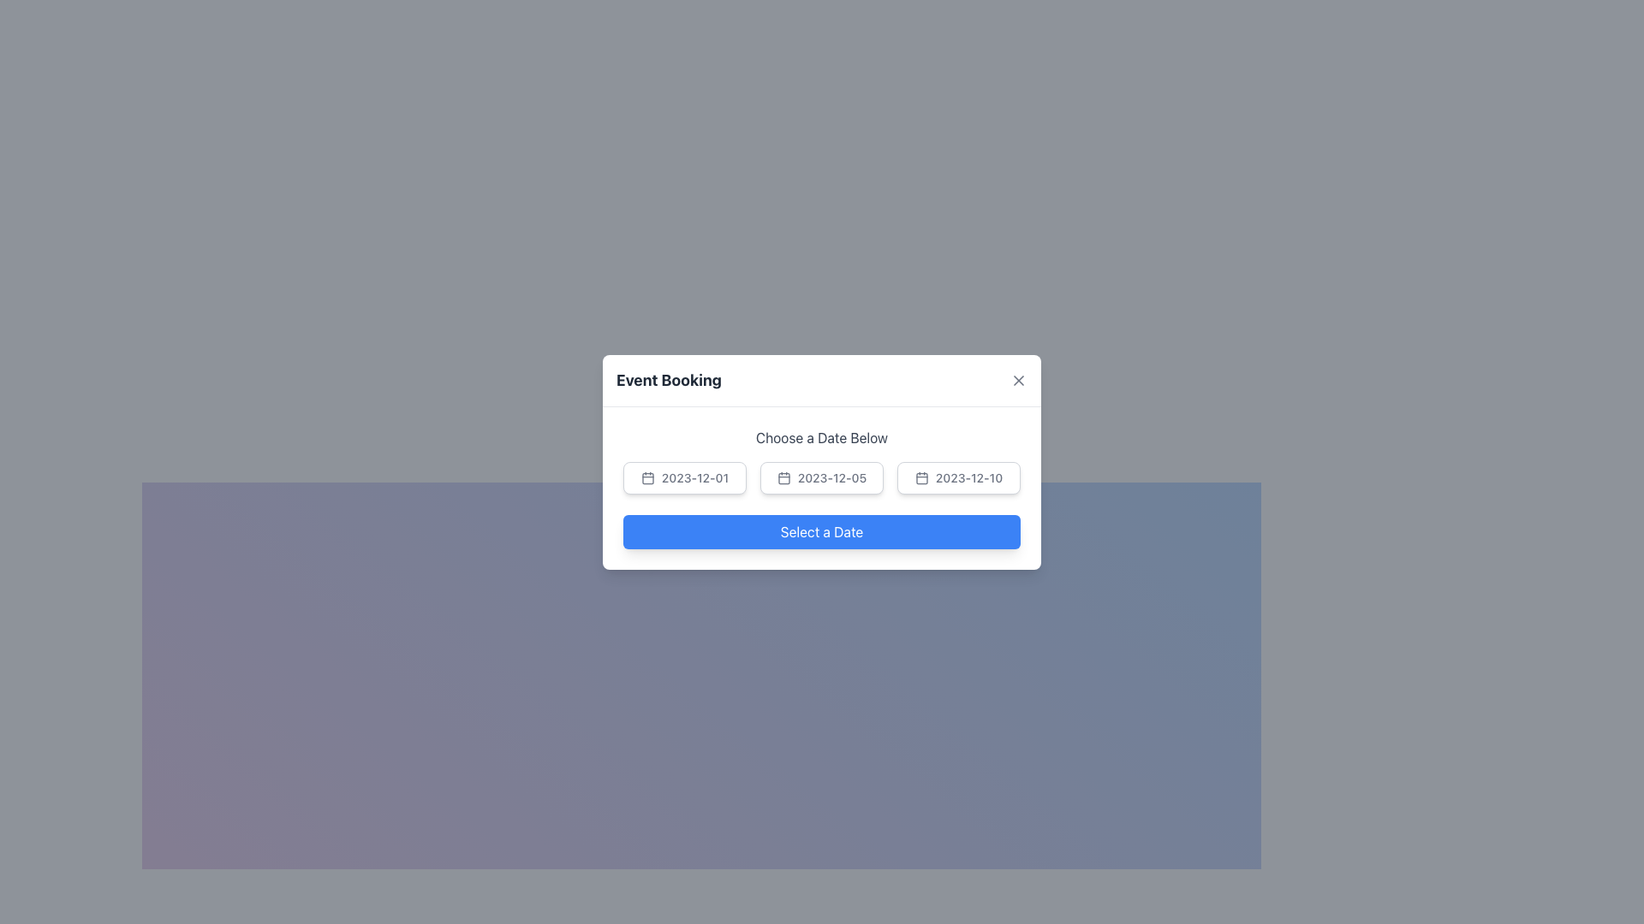 The image size is (1644, 924). Describe the element at coordinates (783, 477) in the screenshot. I see `the calendar icon within the button that contains the date '2023-12-05', which is part of the middle button in a horizontally aligned series of buttons in a modal dialog` at that location.